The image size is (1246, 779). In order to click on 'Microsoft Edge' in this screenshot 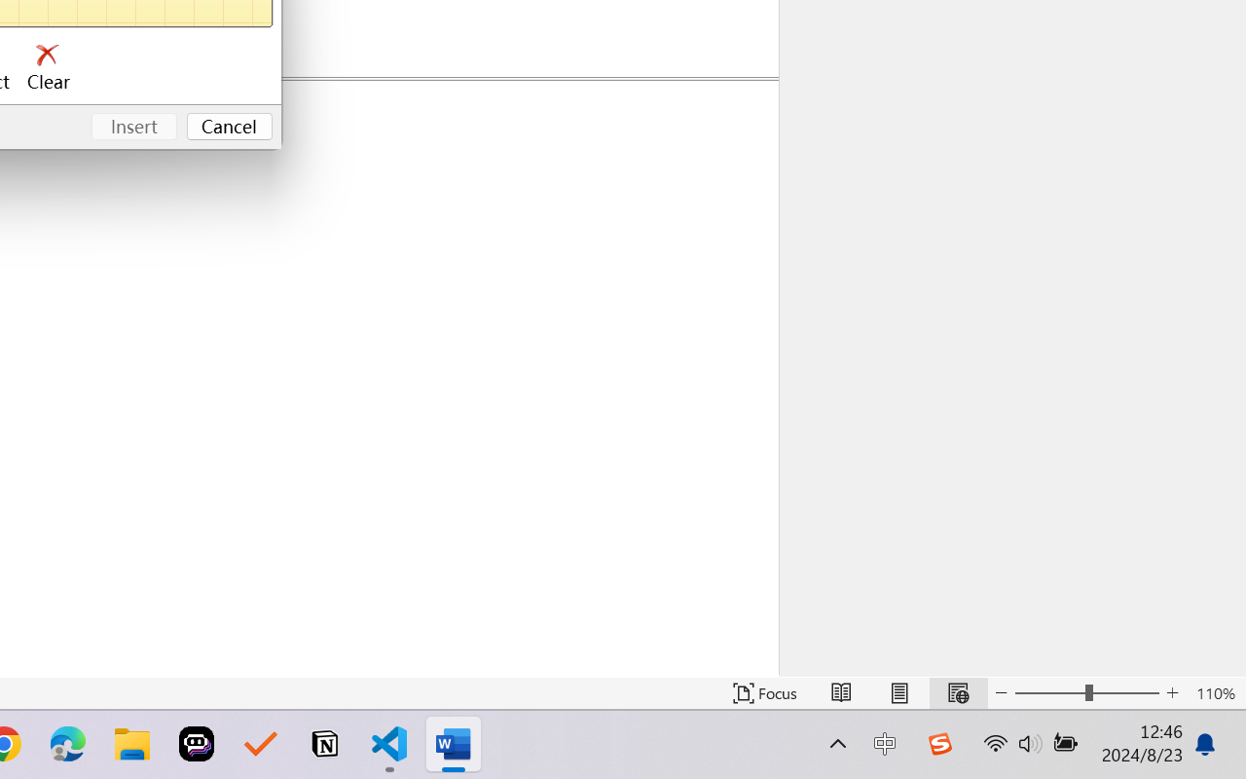, I will do `click(67, 744)`.